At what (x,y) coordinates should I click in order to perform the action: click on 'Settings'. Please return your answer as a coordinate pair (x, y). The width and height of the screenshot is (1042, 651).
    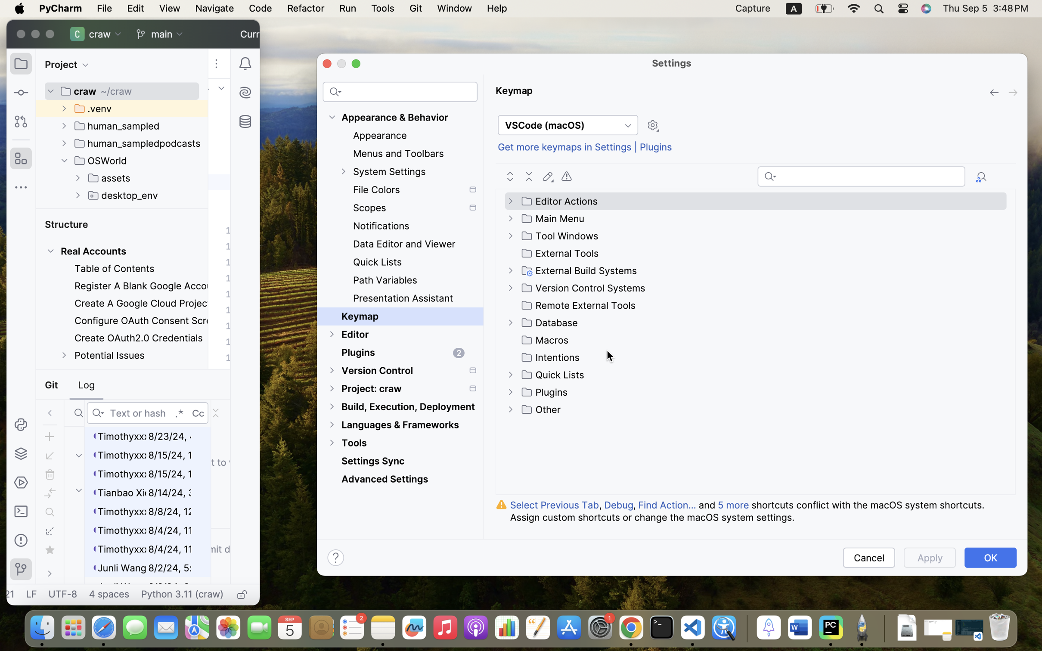
    Looking at the image, I should click on (672, 62).